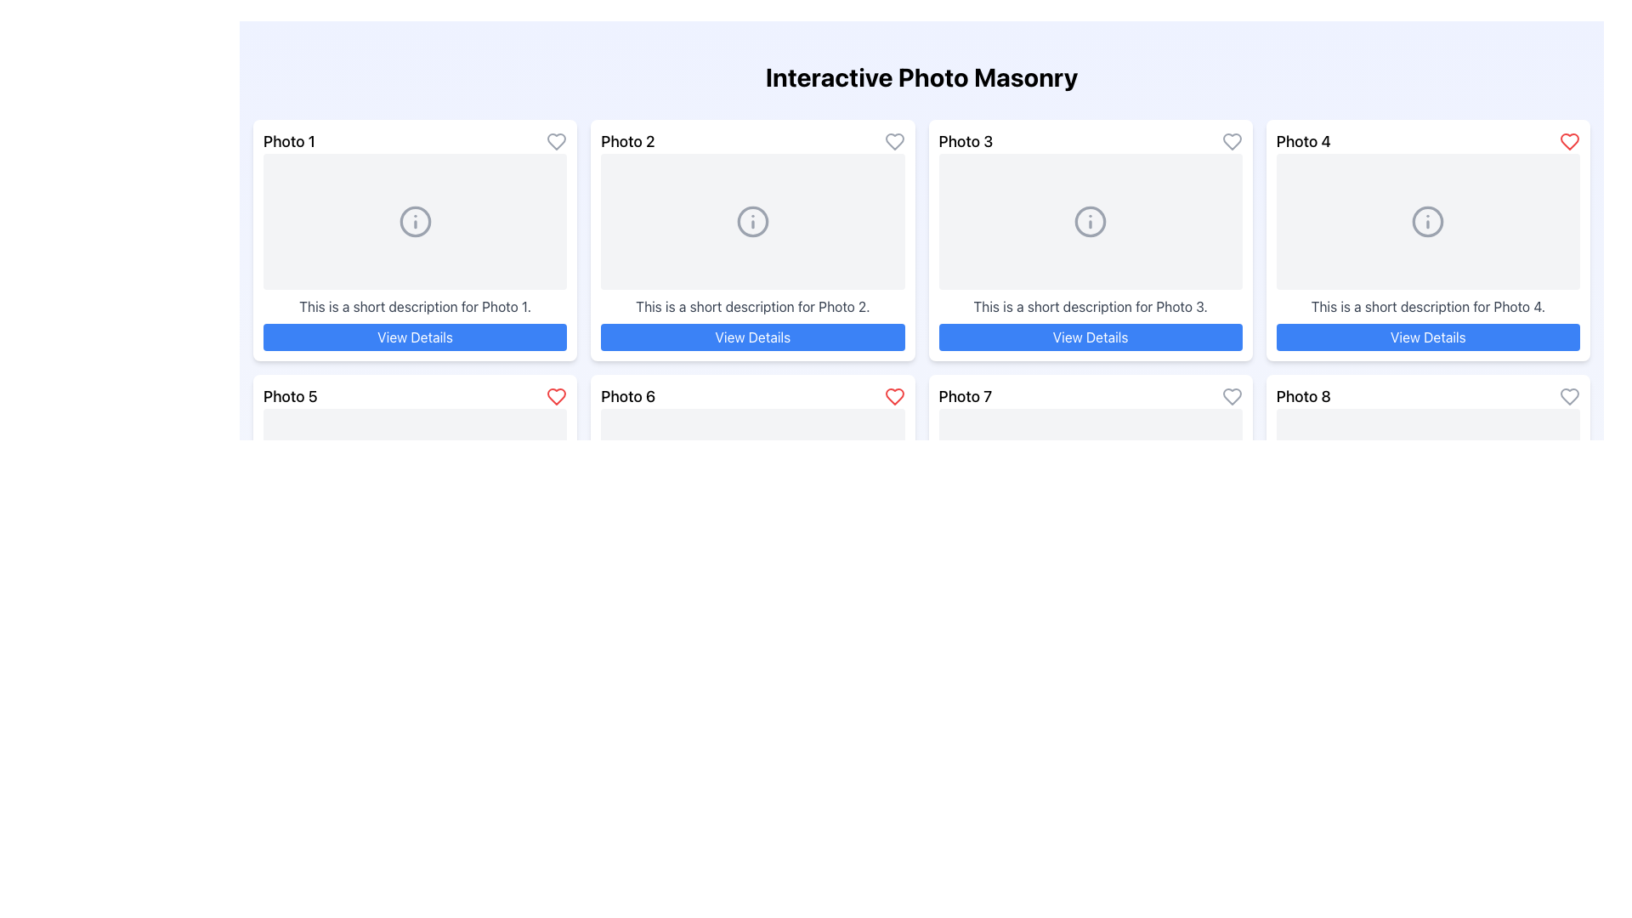  Describe the element at coordinates (415, 221) in the screenshot. I see `the information icon represented by a gray circle with an 'i' in its center, located centrally in the image area of the first photo card titled 'Photo 1'` at that location.